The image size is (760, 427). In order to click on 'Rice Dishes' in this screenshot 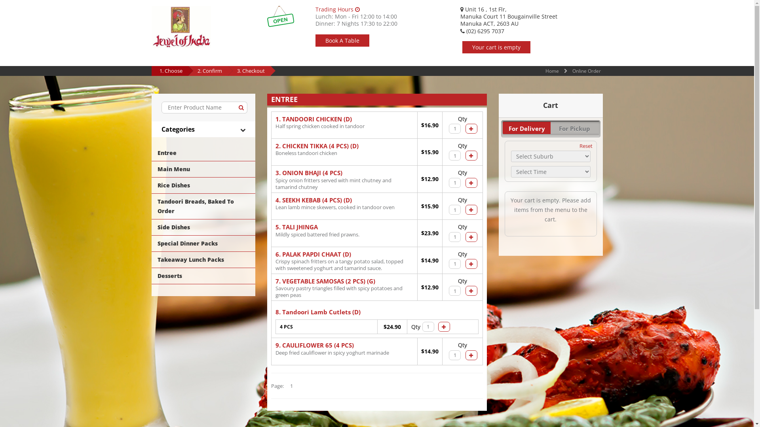, I will do `click(203, 185)`.